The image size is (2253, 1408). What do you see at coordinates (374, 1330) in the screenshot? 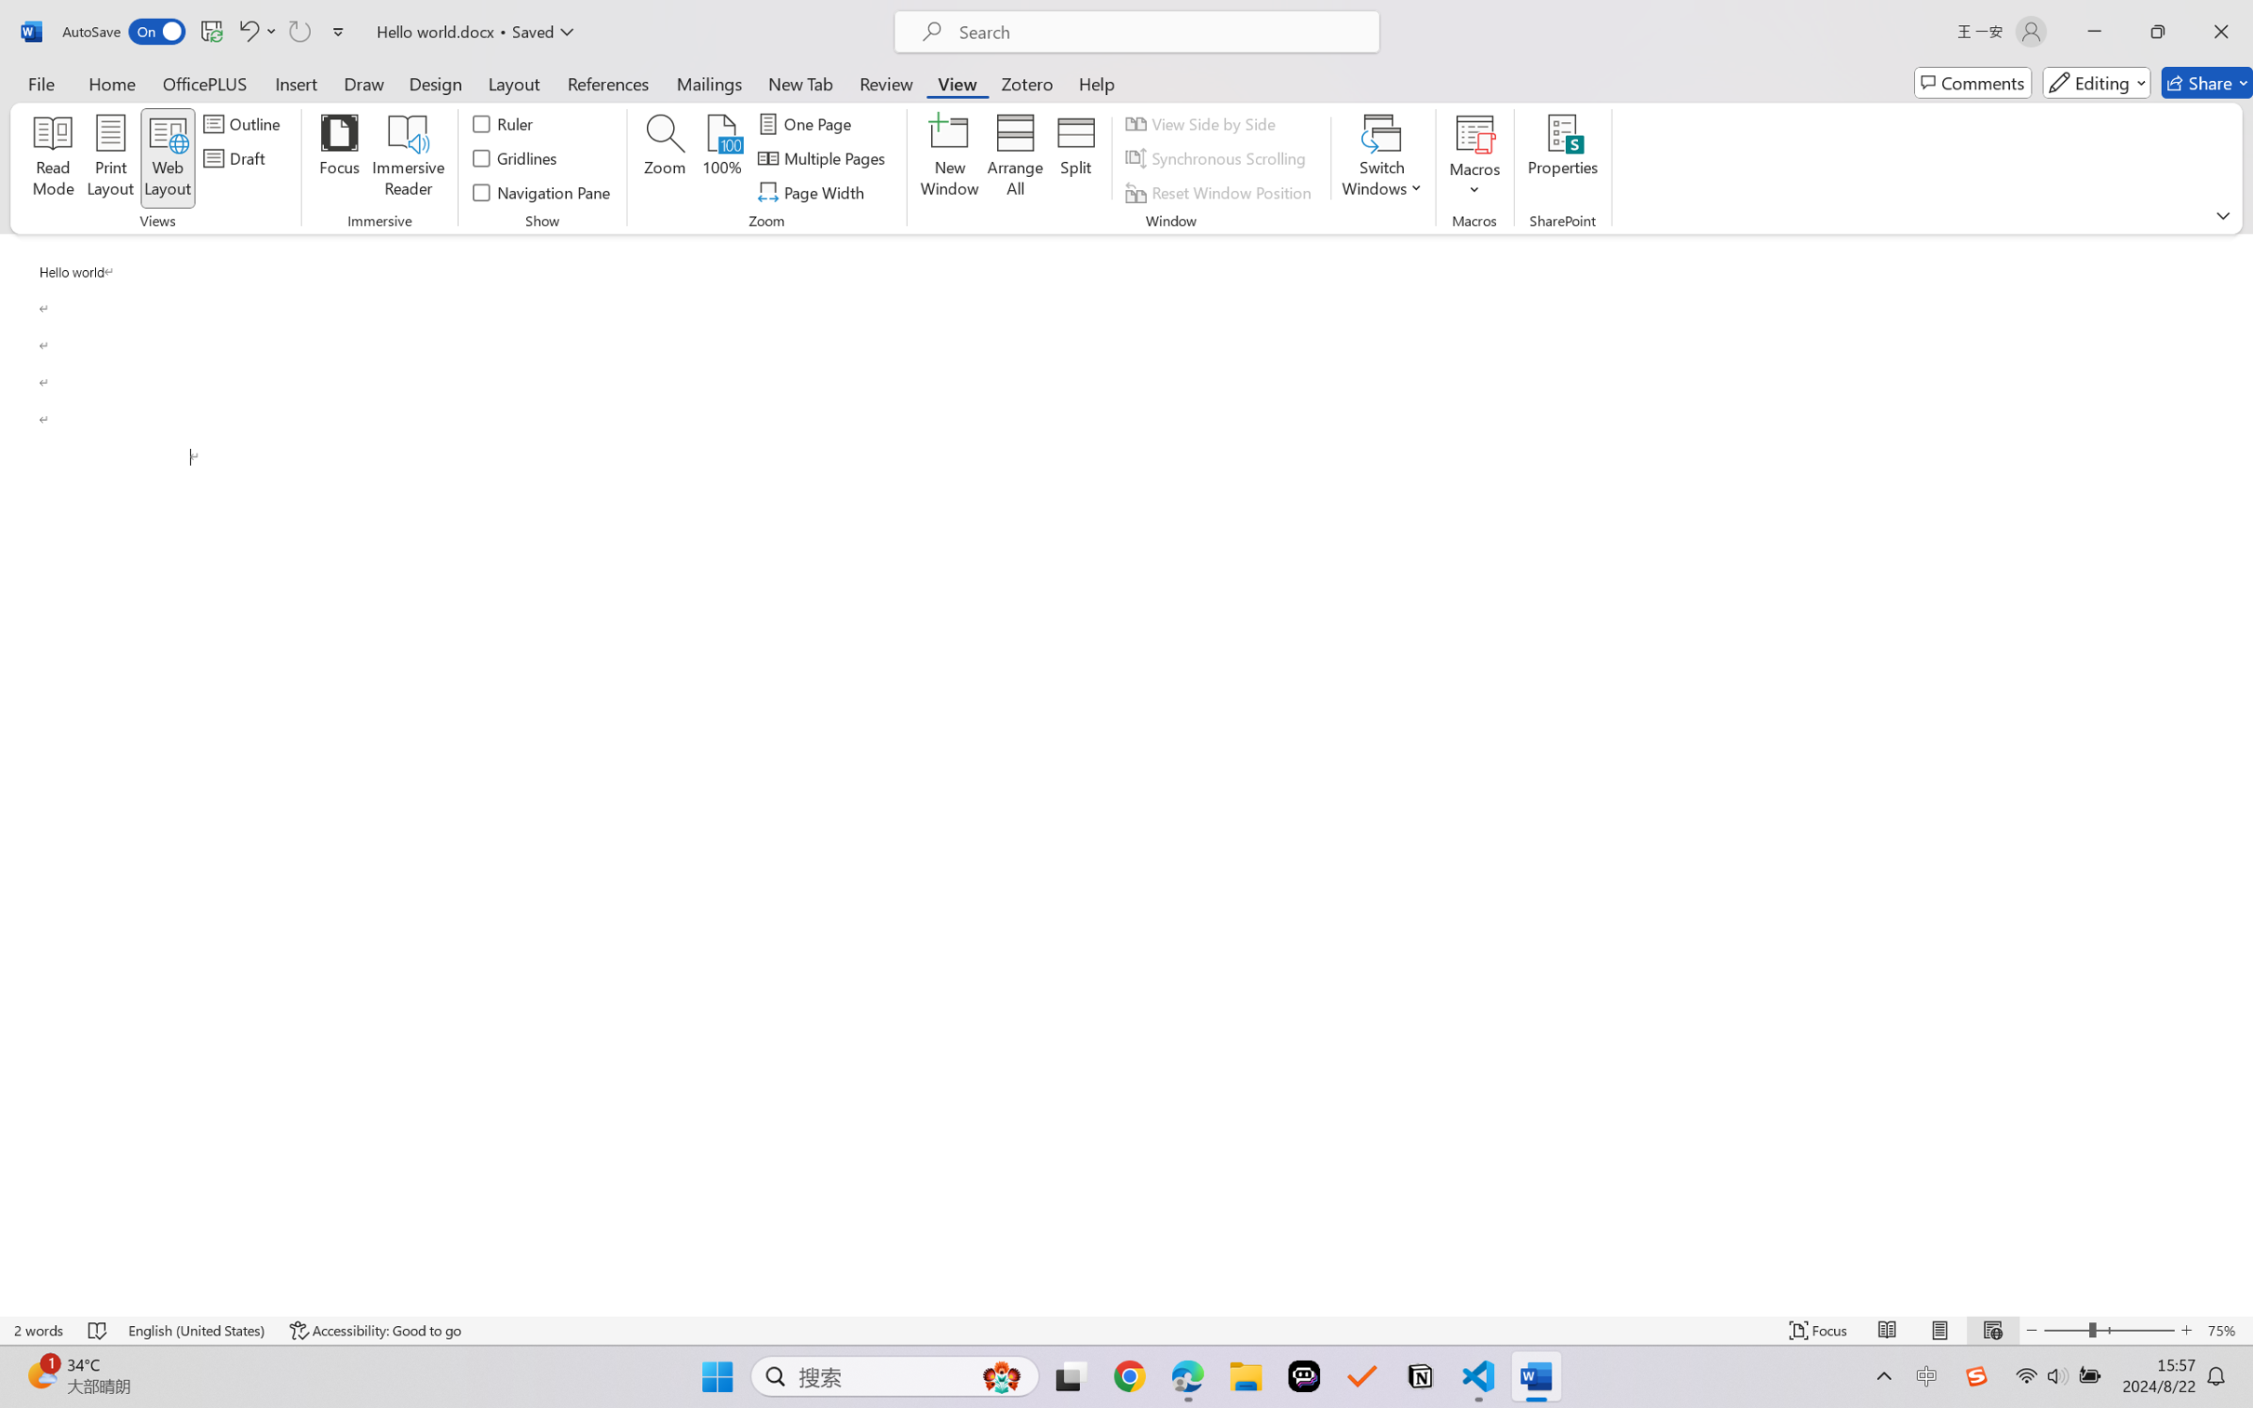
I see `'Accessibility Checker Accessibility: Good to go'` at bounding box center [374, 1330].